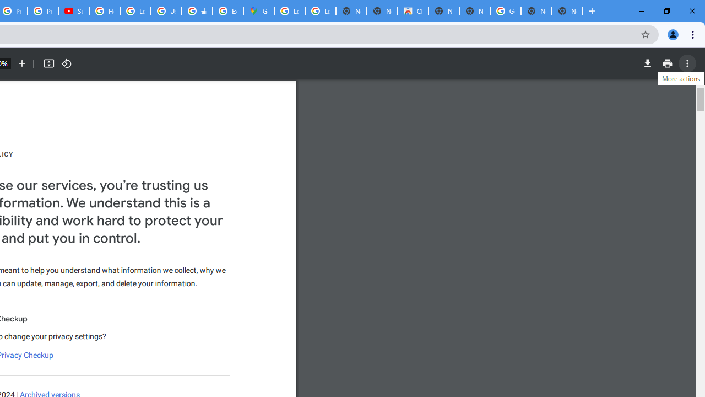 The image size is (705, 397). What do you see at coordinates (647, 63) in the screenshot?
I see `'Download'` at bounding box center [647, 63].